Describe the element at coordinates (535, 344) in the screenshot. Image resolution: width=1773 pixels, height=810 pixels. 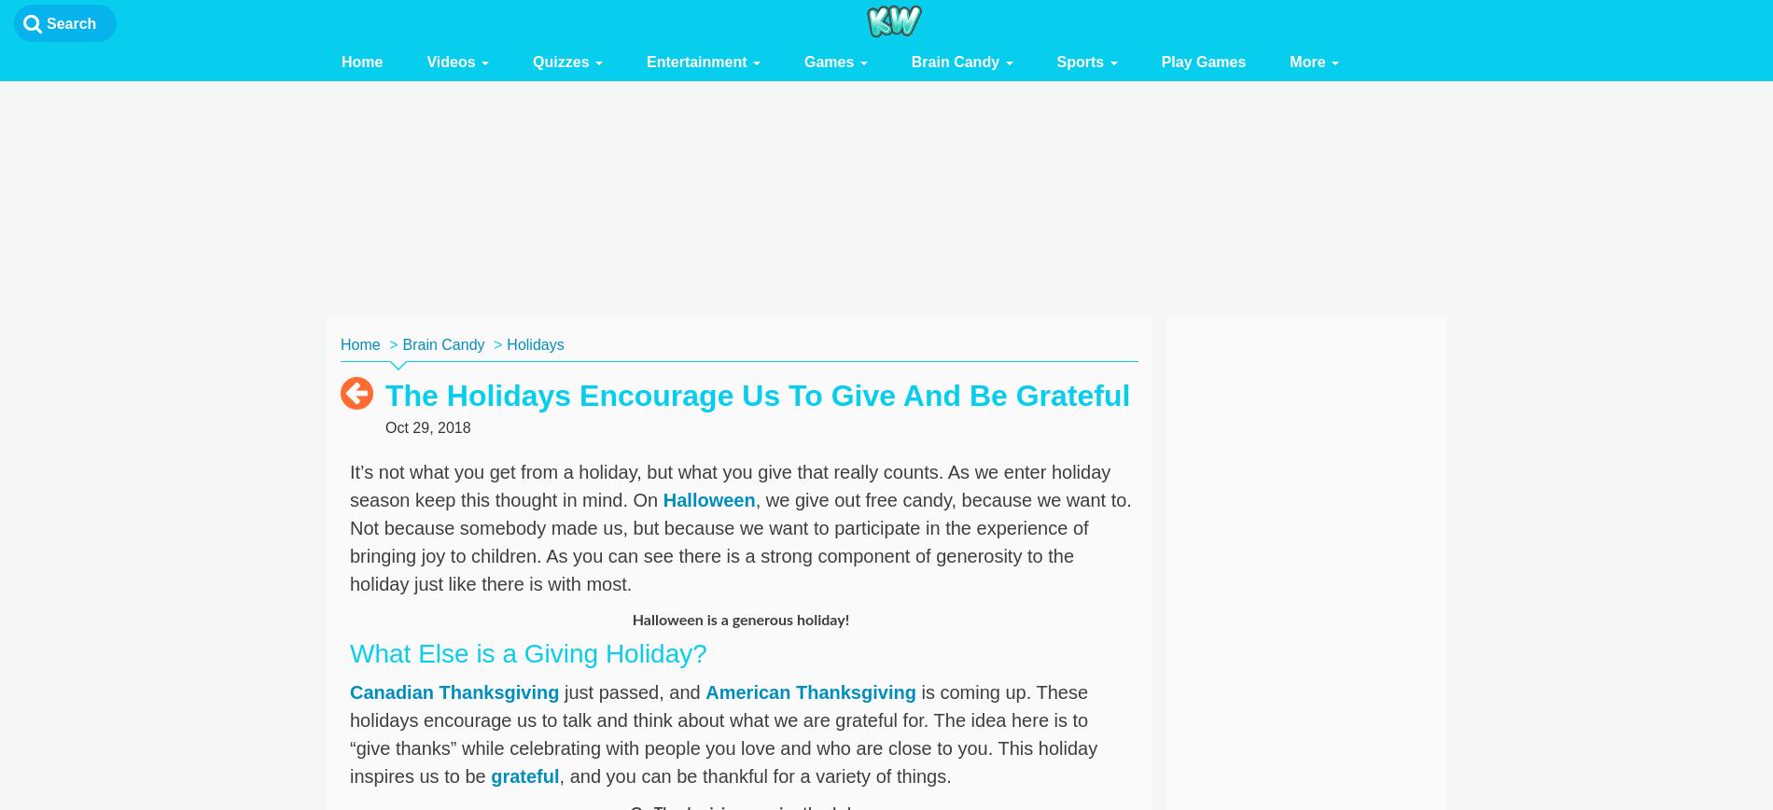
I see `'Holidays'` at that location.